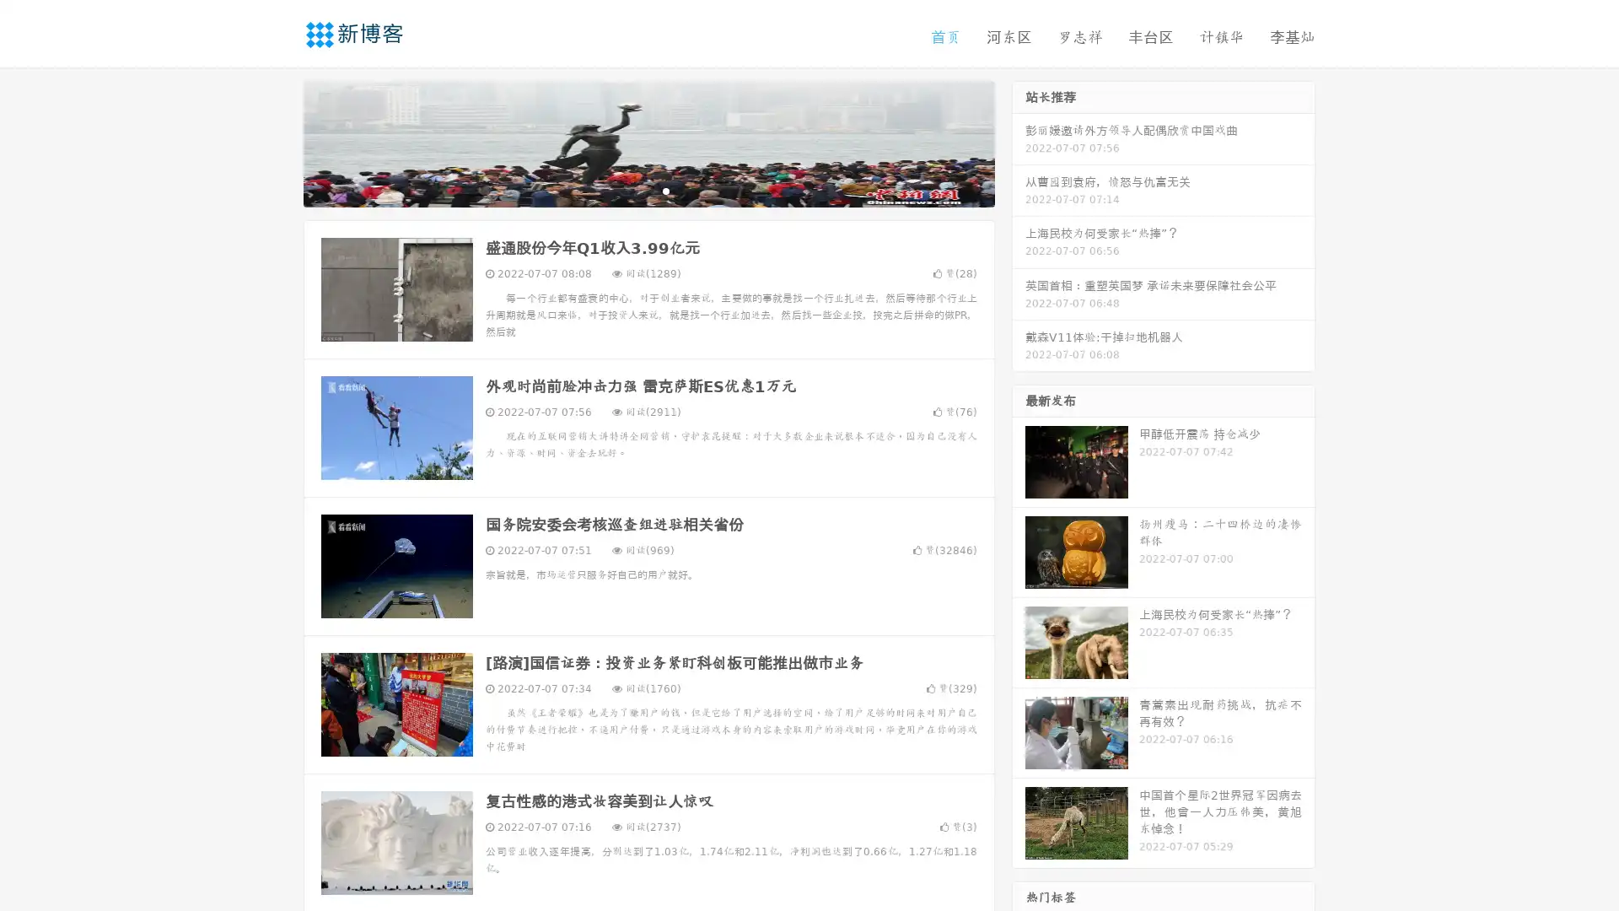 This screenshot has width=1619, height=911. Describe the element at coordinates (648, 190) in the screenshot. I see `Go to slide 2` at that location.